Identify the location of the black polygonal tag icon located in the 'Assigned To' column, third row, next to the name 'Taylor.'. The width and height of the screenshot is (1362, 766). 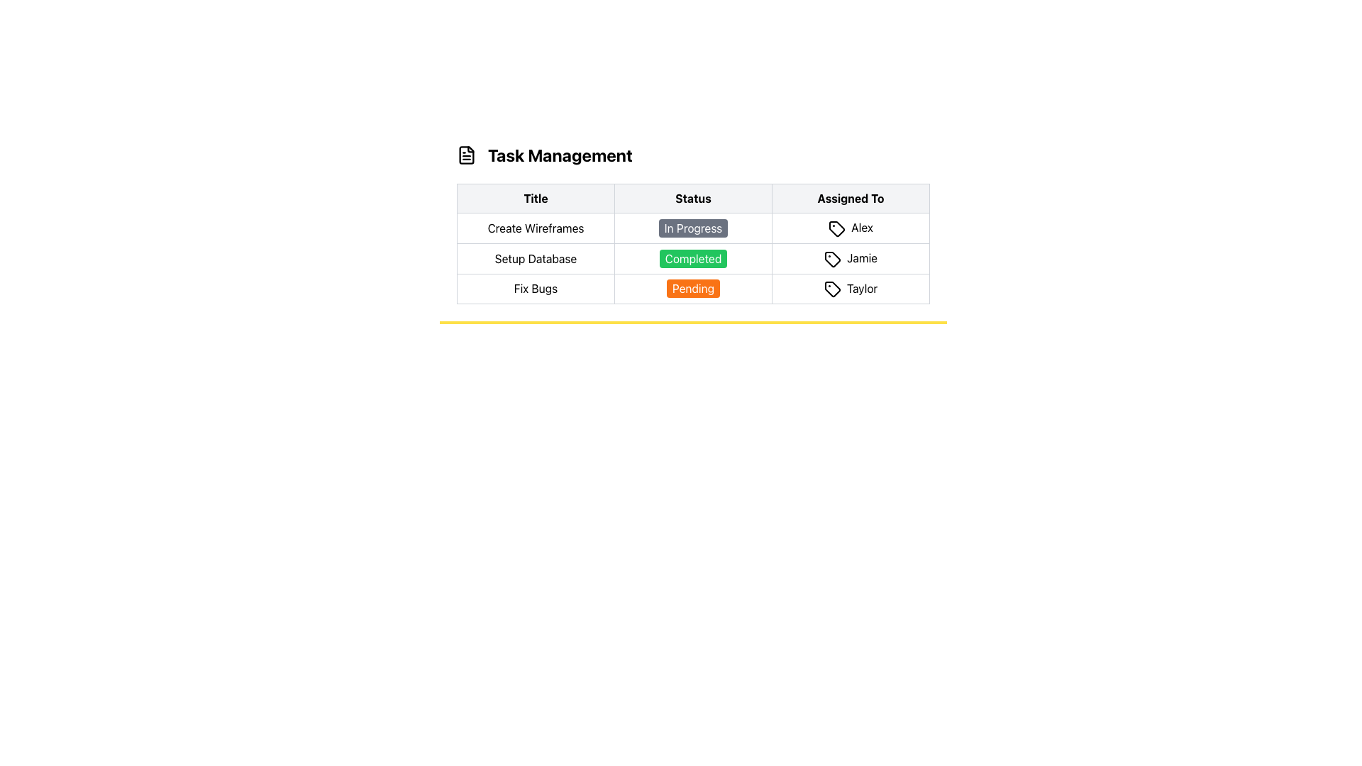
(832, 289).